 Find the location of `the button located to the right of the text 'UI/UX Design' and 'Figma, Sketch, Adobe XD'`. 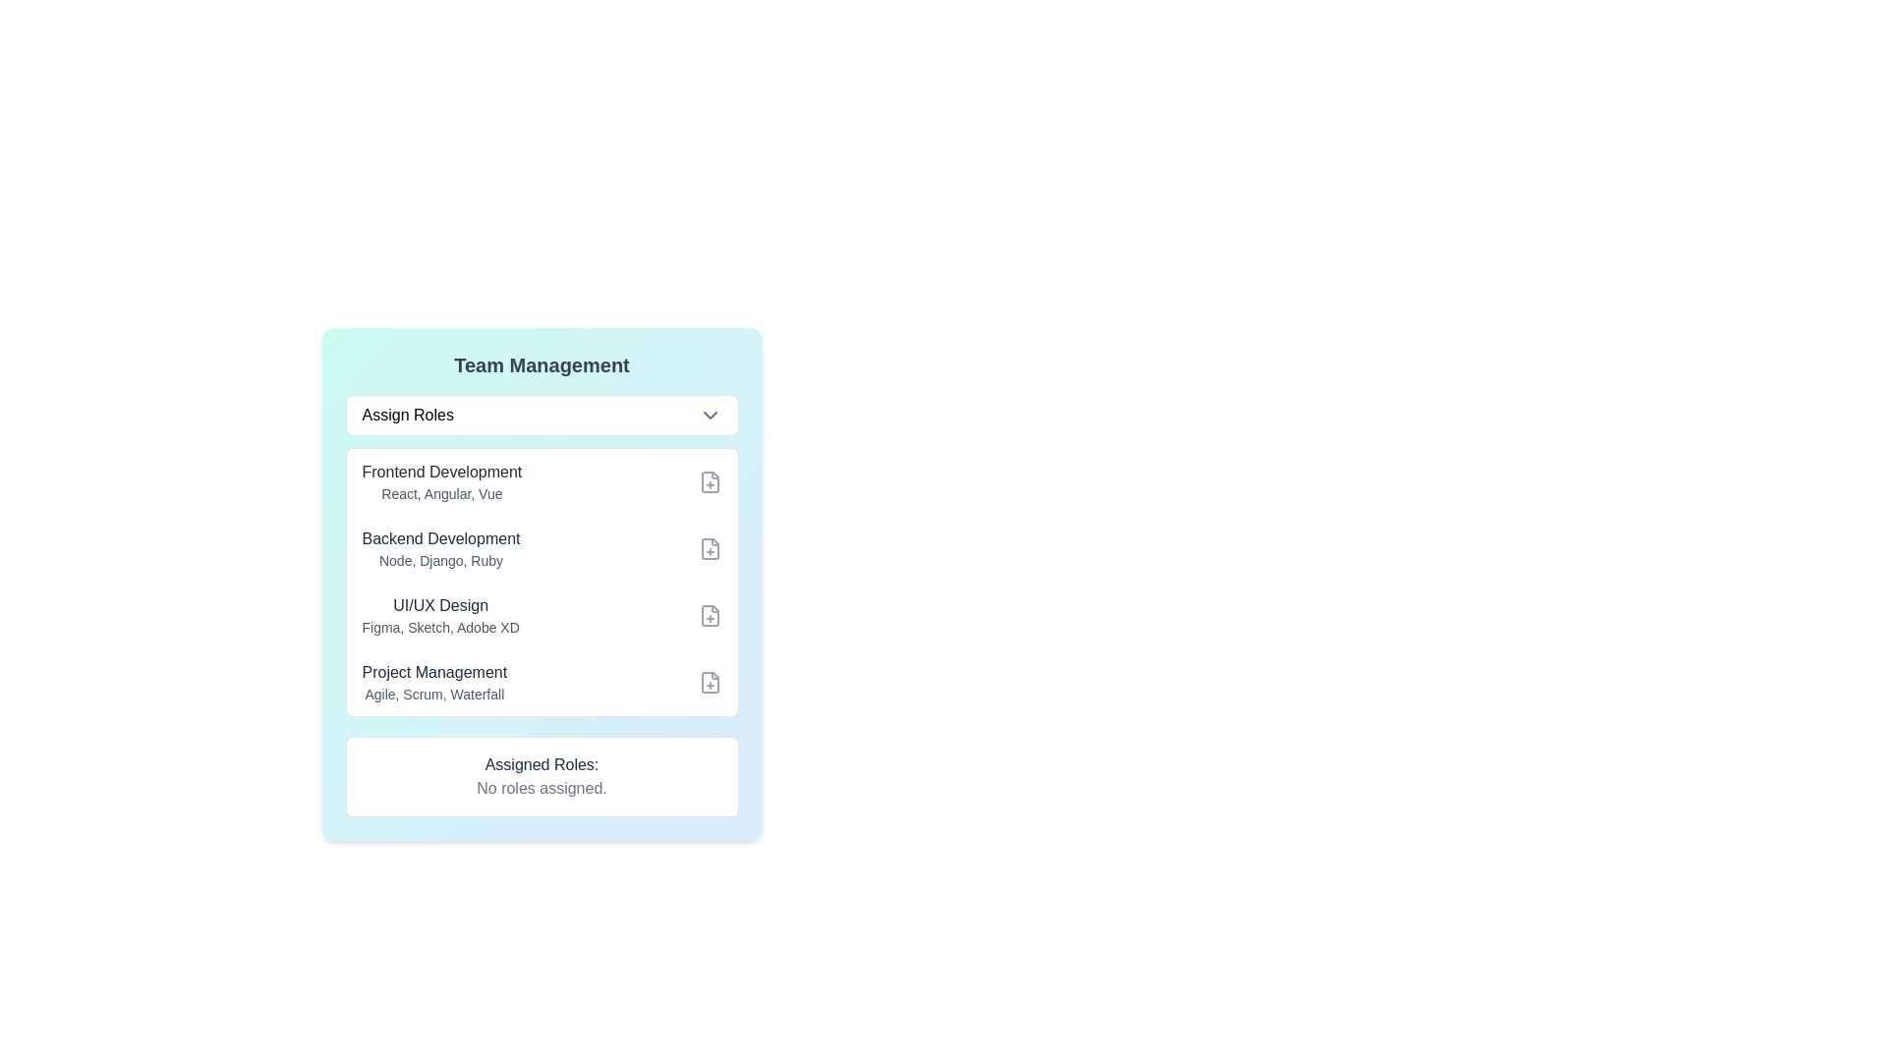

the button located to the right of the text 'UI/UX Design' and 'Figma, Sketch, Adobe XD' is located at coordinates (709, 615).